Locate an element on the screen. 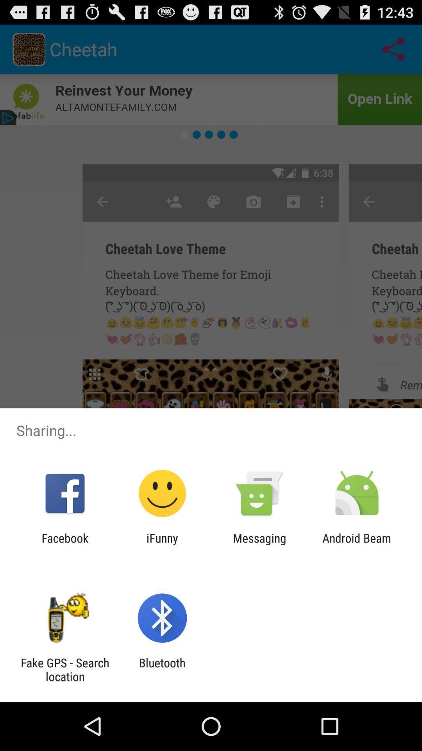 This screenshot has width=422, height=751. item to the left of messaging icon is located at coordinates (162, 544).